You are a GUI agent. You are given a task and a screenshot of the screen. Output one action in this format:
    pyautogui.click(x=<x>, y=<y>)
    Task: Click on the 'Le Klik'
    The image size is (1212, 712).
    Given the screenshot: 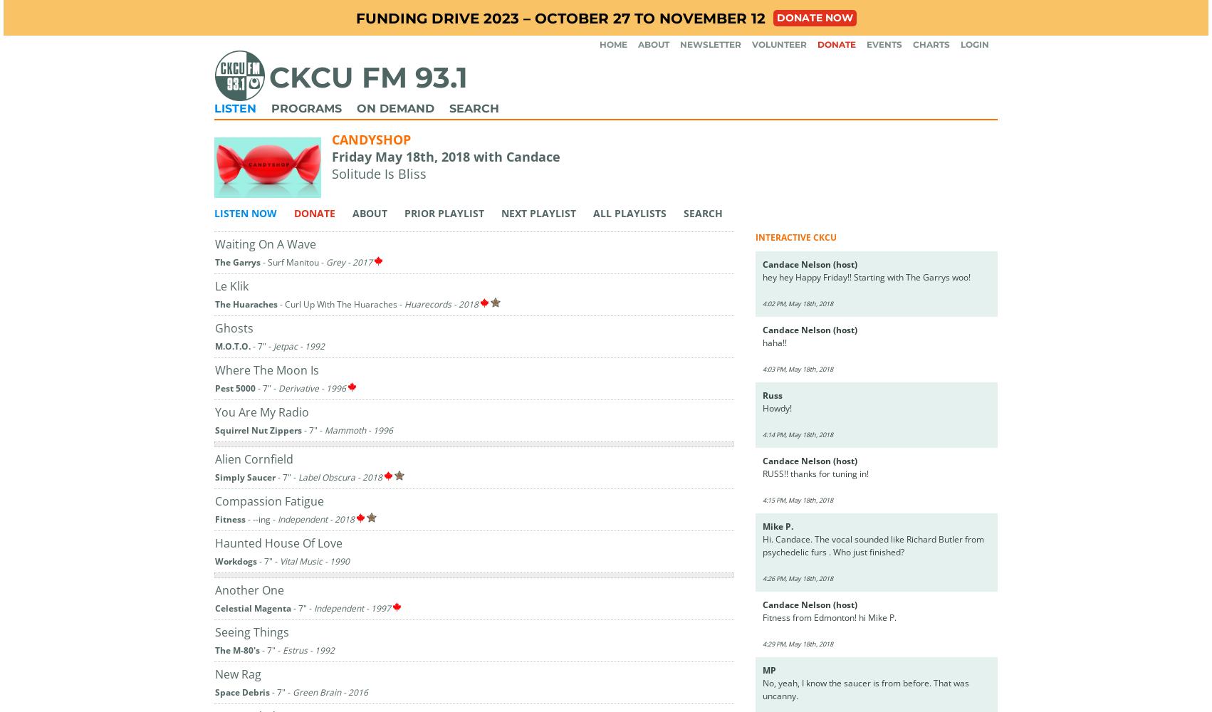 What is the action you would take?
    pyautogui.click(x=214, y=286)
    